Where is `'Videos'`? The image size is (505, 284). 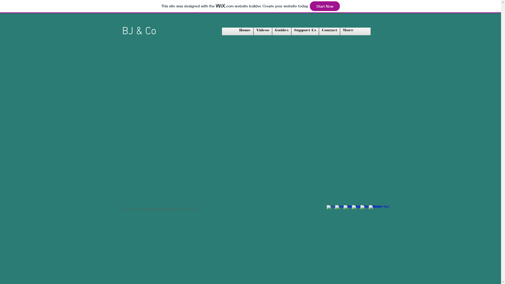
'Videos' is located at coordinates (262, 31).